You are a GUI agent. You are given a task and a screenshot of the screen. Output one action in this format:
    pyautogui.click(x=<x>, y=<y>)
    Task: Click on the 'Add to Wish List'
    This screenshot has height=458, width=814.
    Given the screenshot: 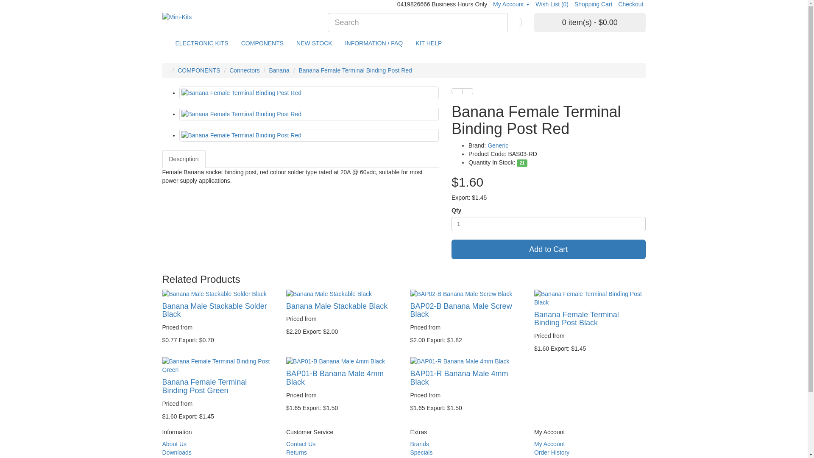 What is the action you would take?
    pyautogui.click(x=457, y=91)
    